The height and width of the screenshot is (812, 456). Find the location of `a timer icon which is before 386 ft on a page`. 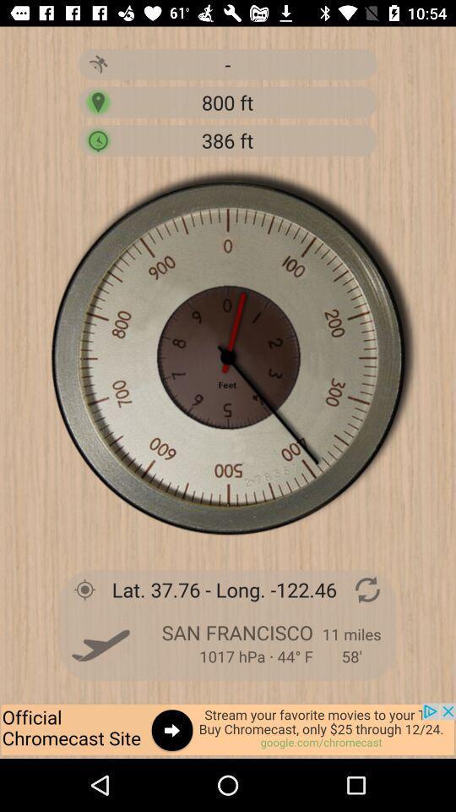

a timer icon which is before 386 ft on a page is located at coordinates (98, 139).